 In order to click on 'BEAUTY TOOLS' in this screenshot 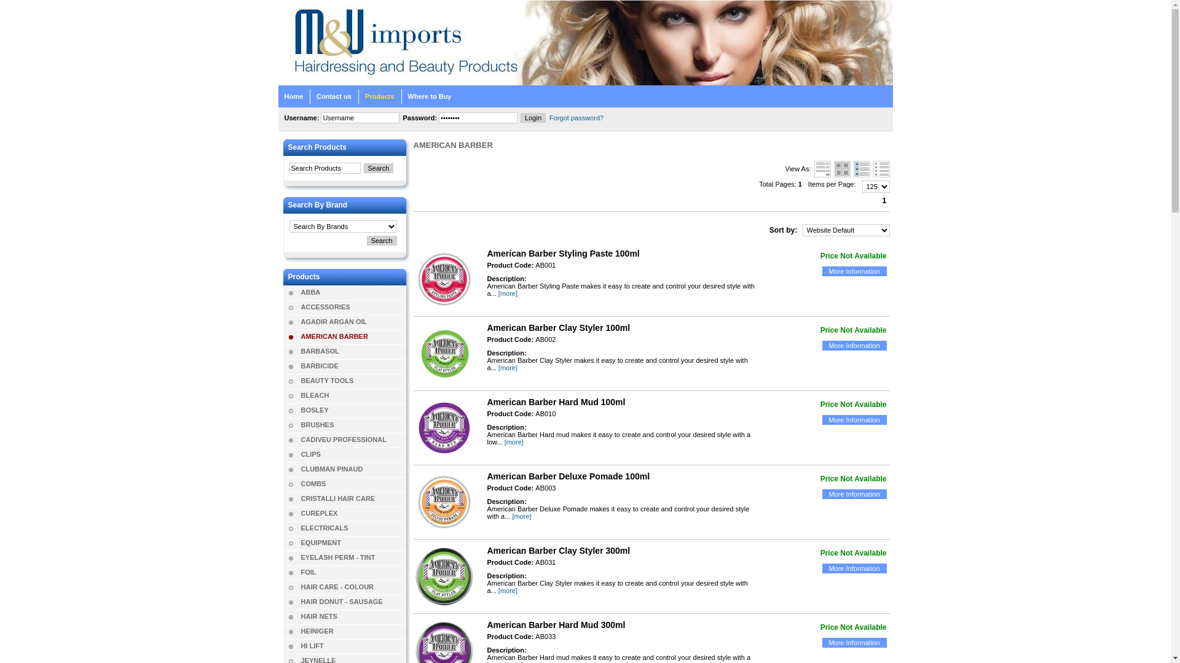, I will do `click(352, 380)`.